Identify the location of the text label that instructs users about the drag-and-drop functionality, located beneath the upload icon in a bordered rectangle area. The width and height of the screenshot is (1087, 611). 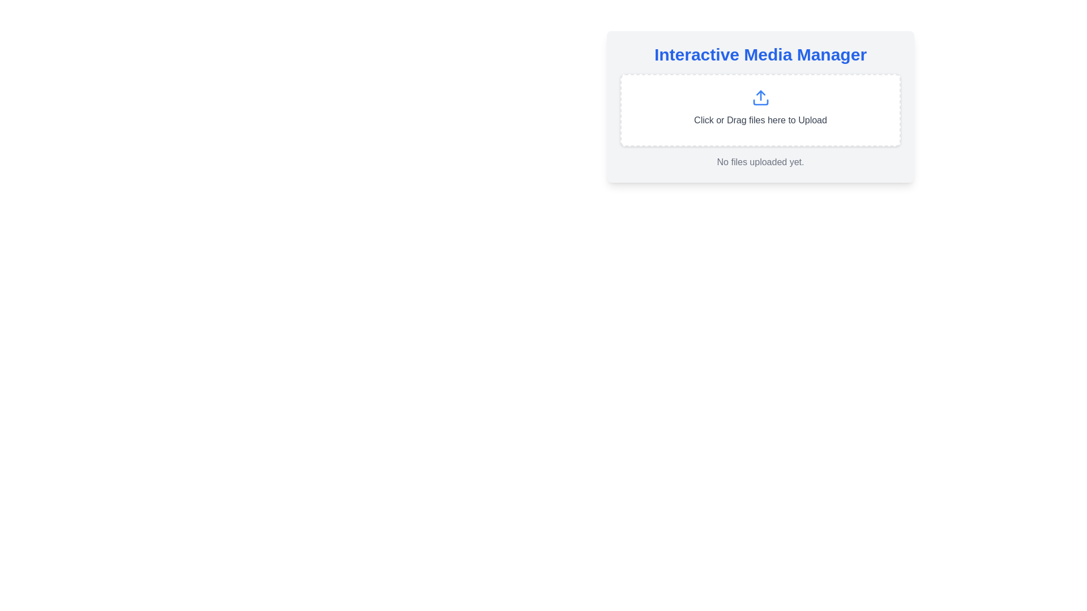
(760, 120).